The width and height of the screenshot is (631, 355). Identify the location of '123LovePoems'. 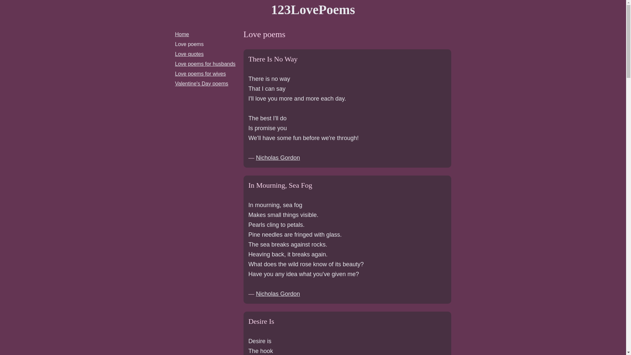
(313, 10).